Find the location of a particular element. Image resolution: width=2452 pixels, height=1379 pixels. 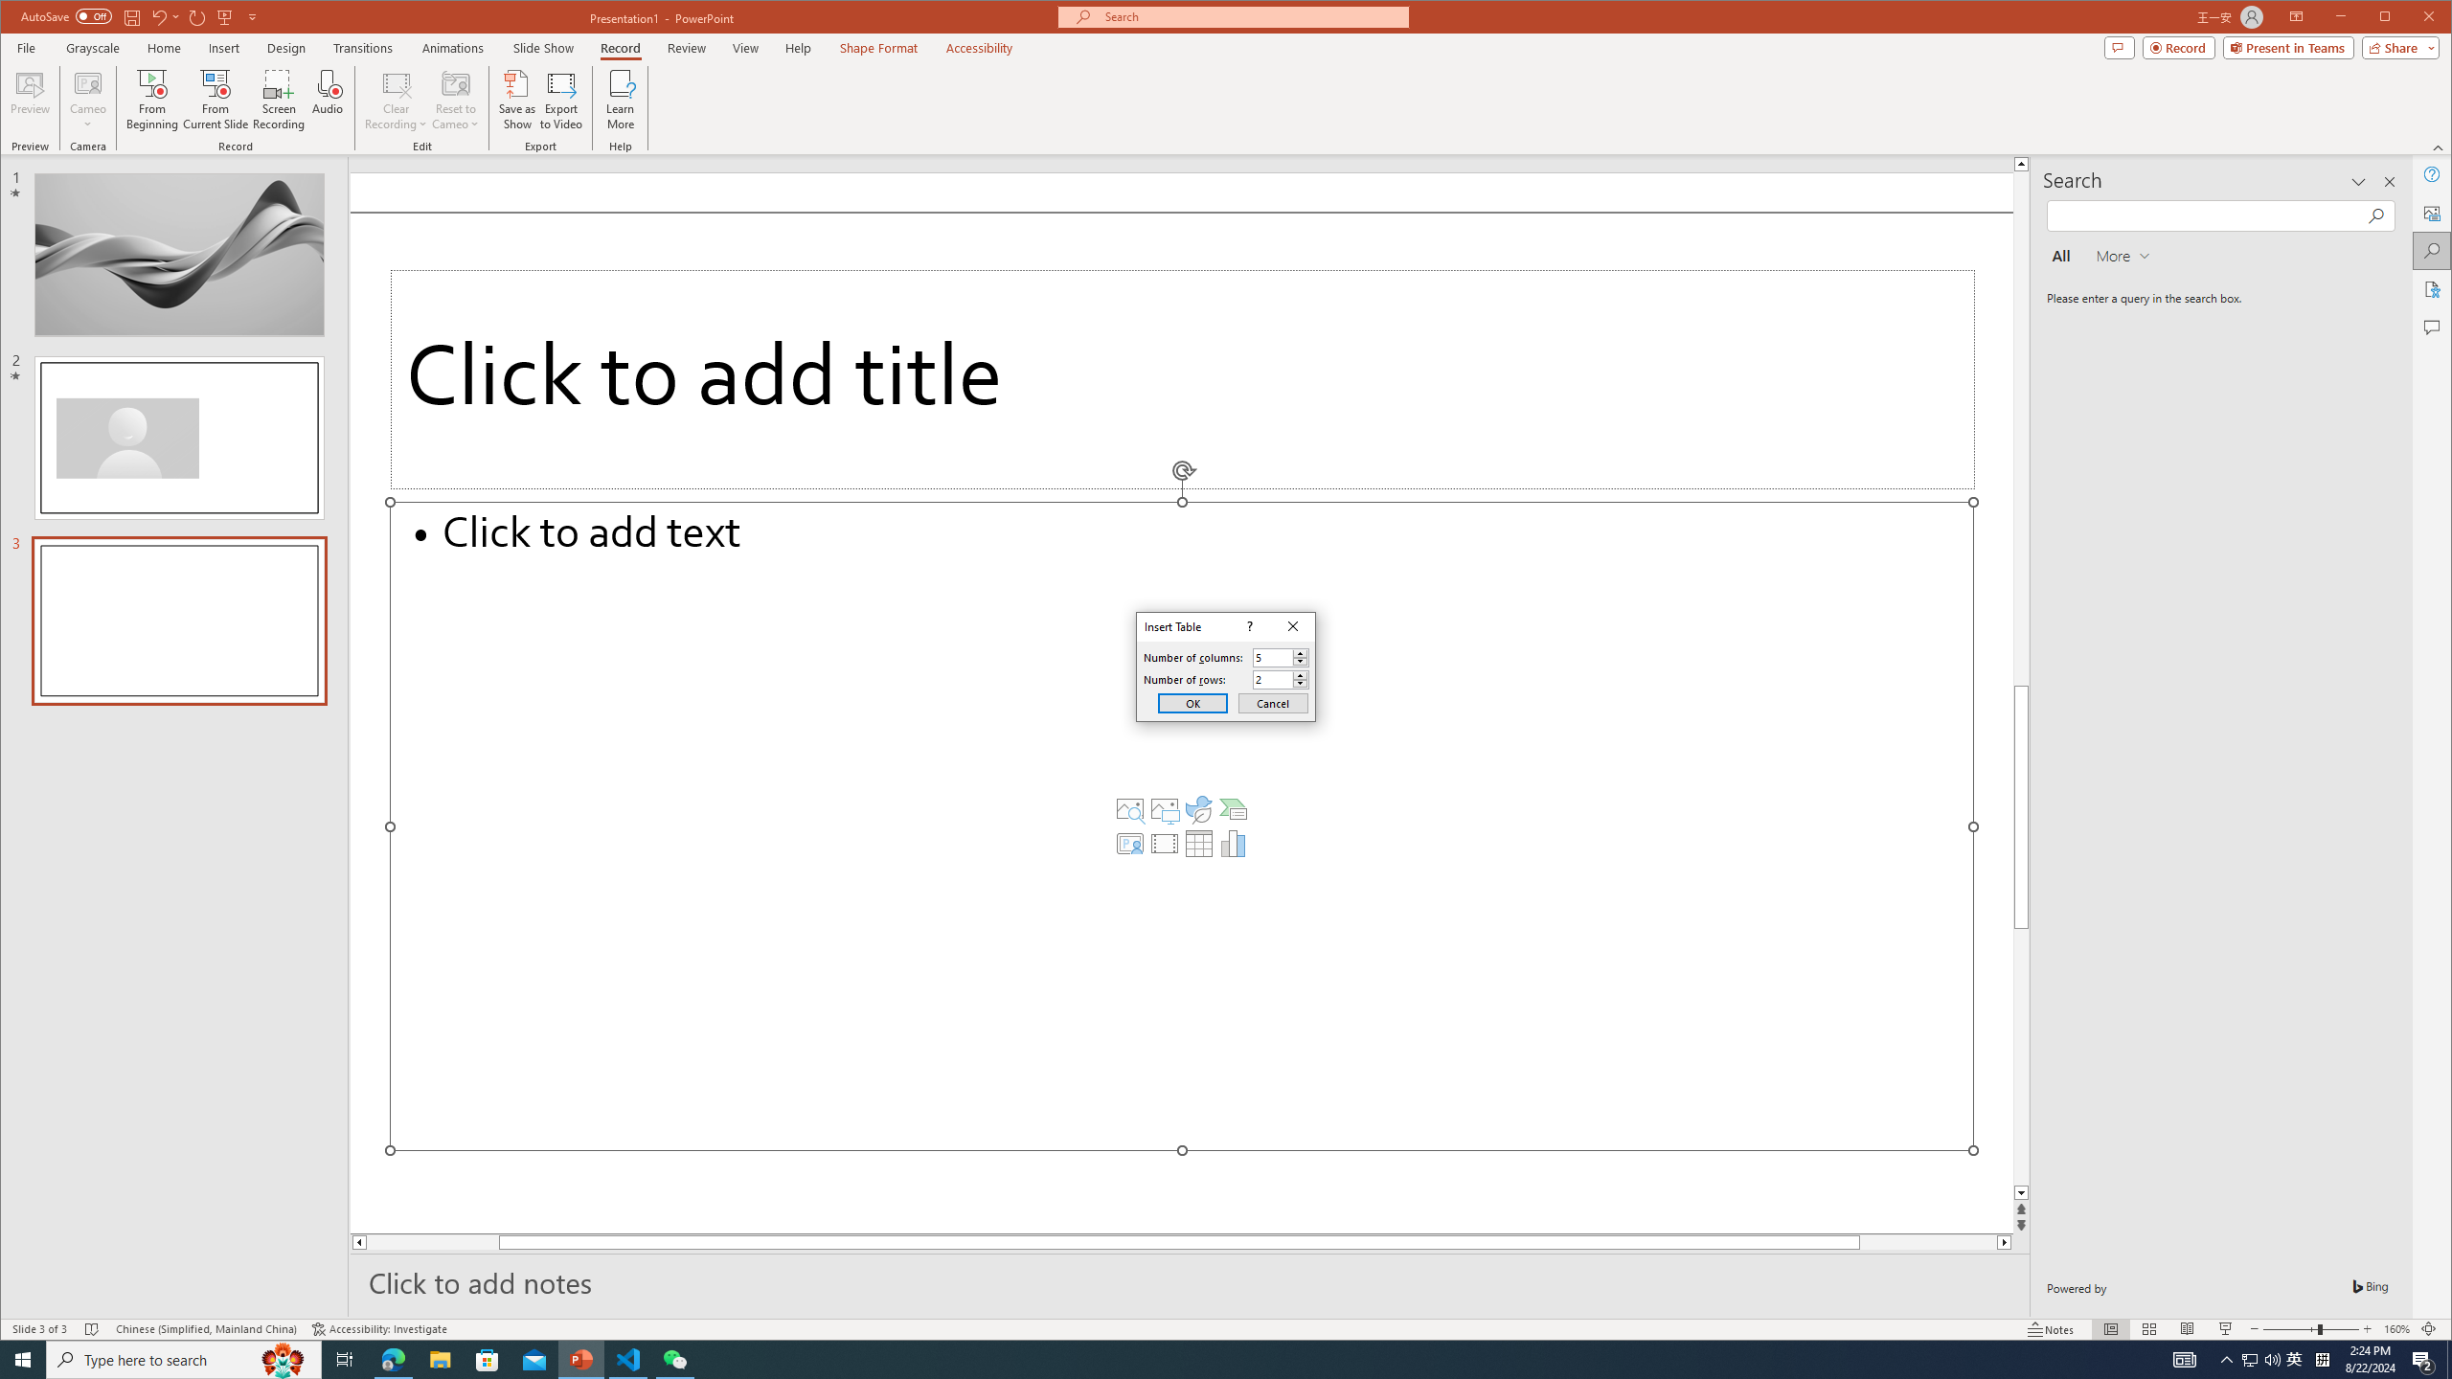

'Grayscale' is located at coordinates (93, 47).